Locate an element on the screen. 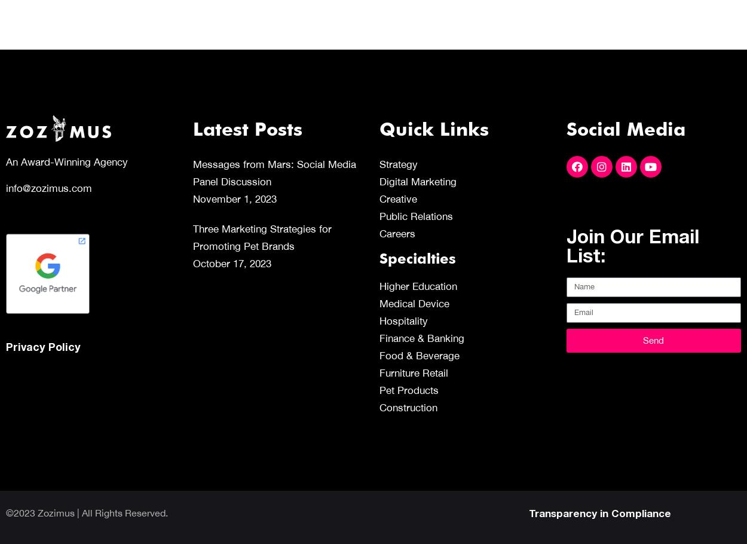 The height and width of the screenshot is (544, 747). 'Privacy Policy' is located at coordinates (42, 347).